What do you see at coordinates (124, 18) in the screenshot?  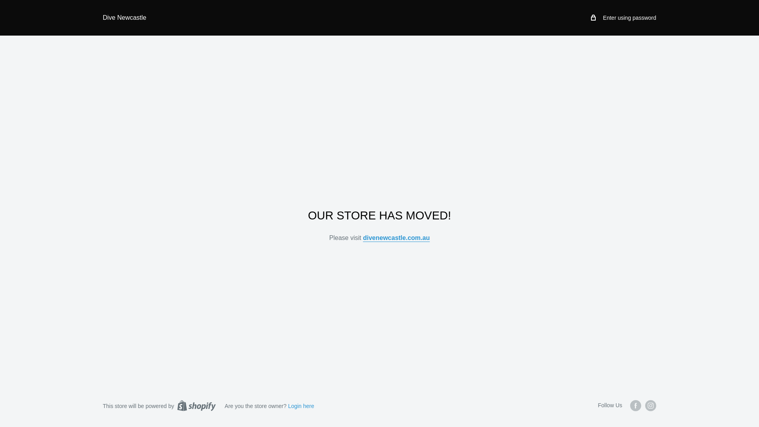 I see `'Dive Newcastle'` at bounding box center [124, 18].